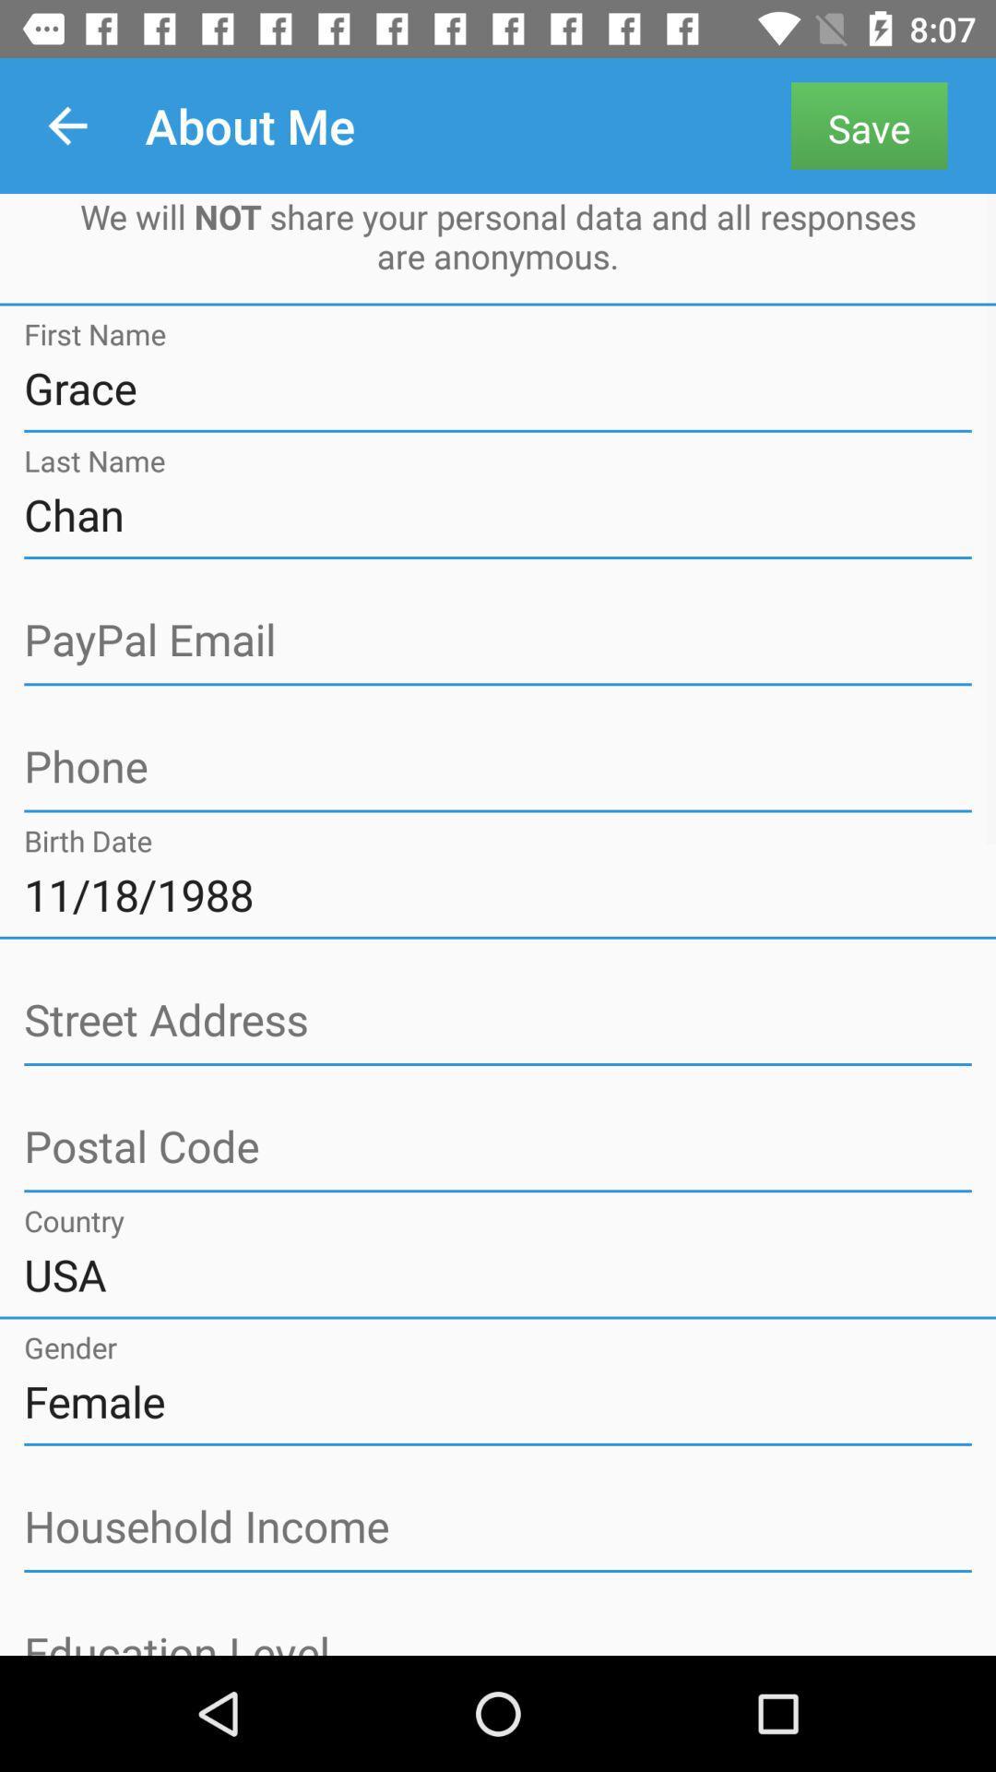  What do you see at coordinates (498, 514) in the screenshot?
I see `chan` at bounding box center [498, 514].